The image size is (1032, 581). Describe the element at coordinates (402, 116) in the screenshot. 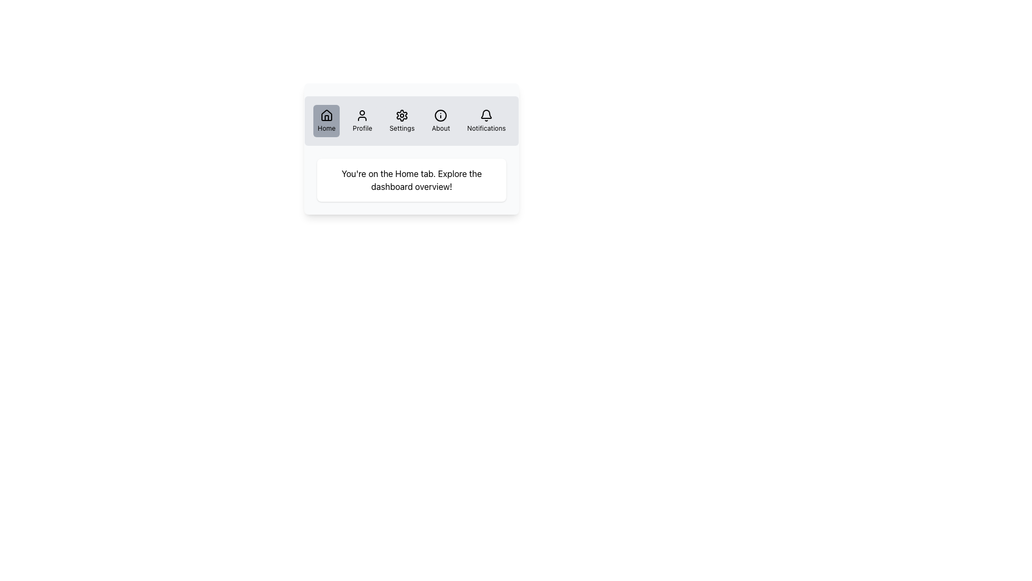

I see `the gear icon representing the settings option, which is styled with a minimalistic line-based design and located second from the left` at that location.